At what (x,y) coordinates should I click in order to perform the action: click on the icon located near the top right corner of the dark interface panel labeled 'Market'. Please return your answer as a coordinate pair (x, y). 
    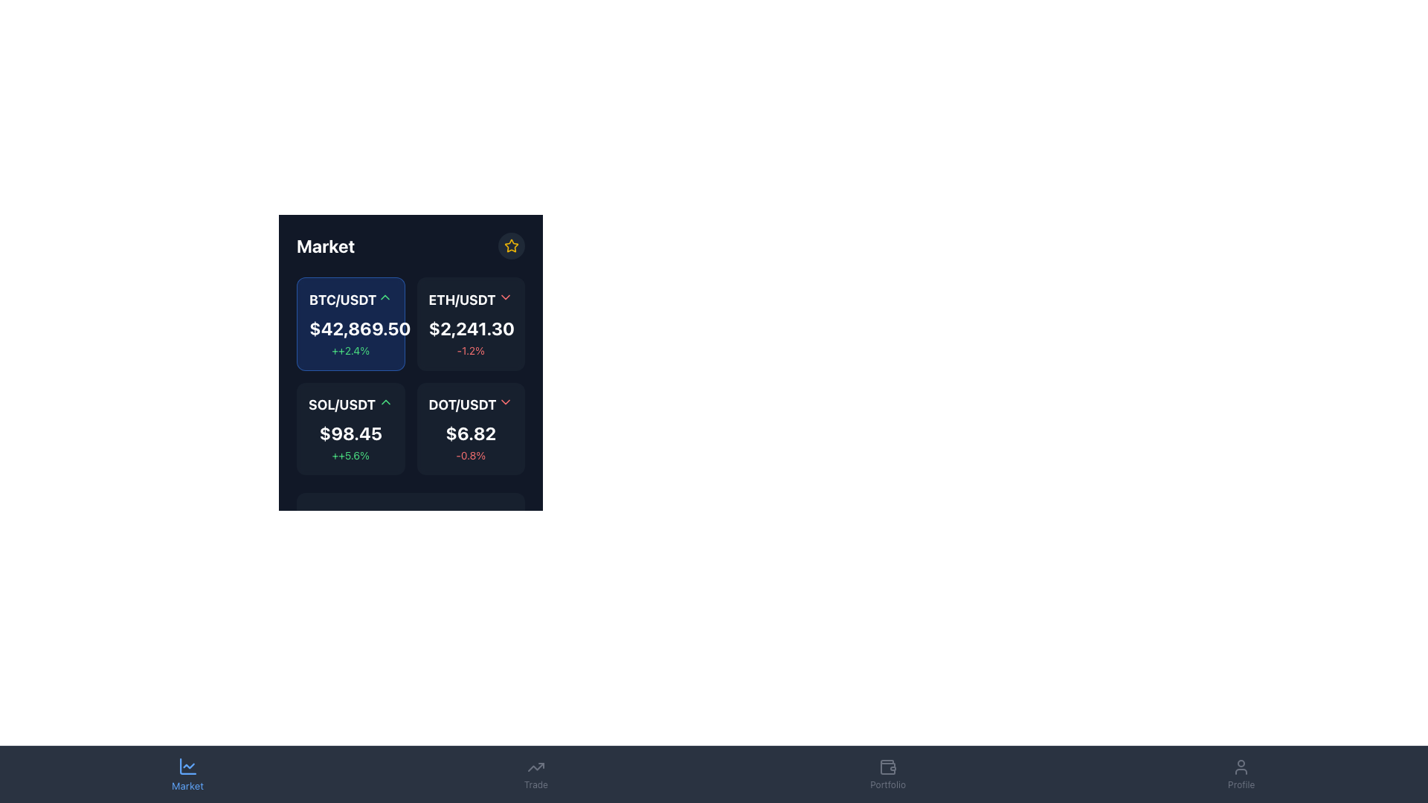
    Looking at the image, I should click on (511, 245).